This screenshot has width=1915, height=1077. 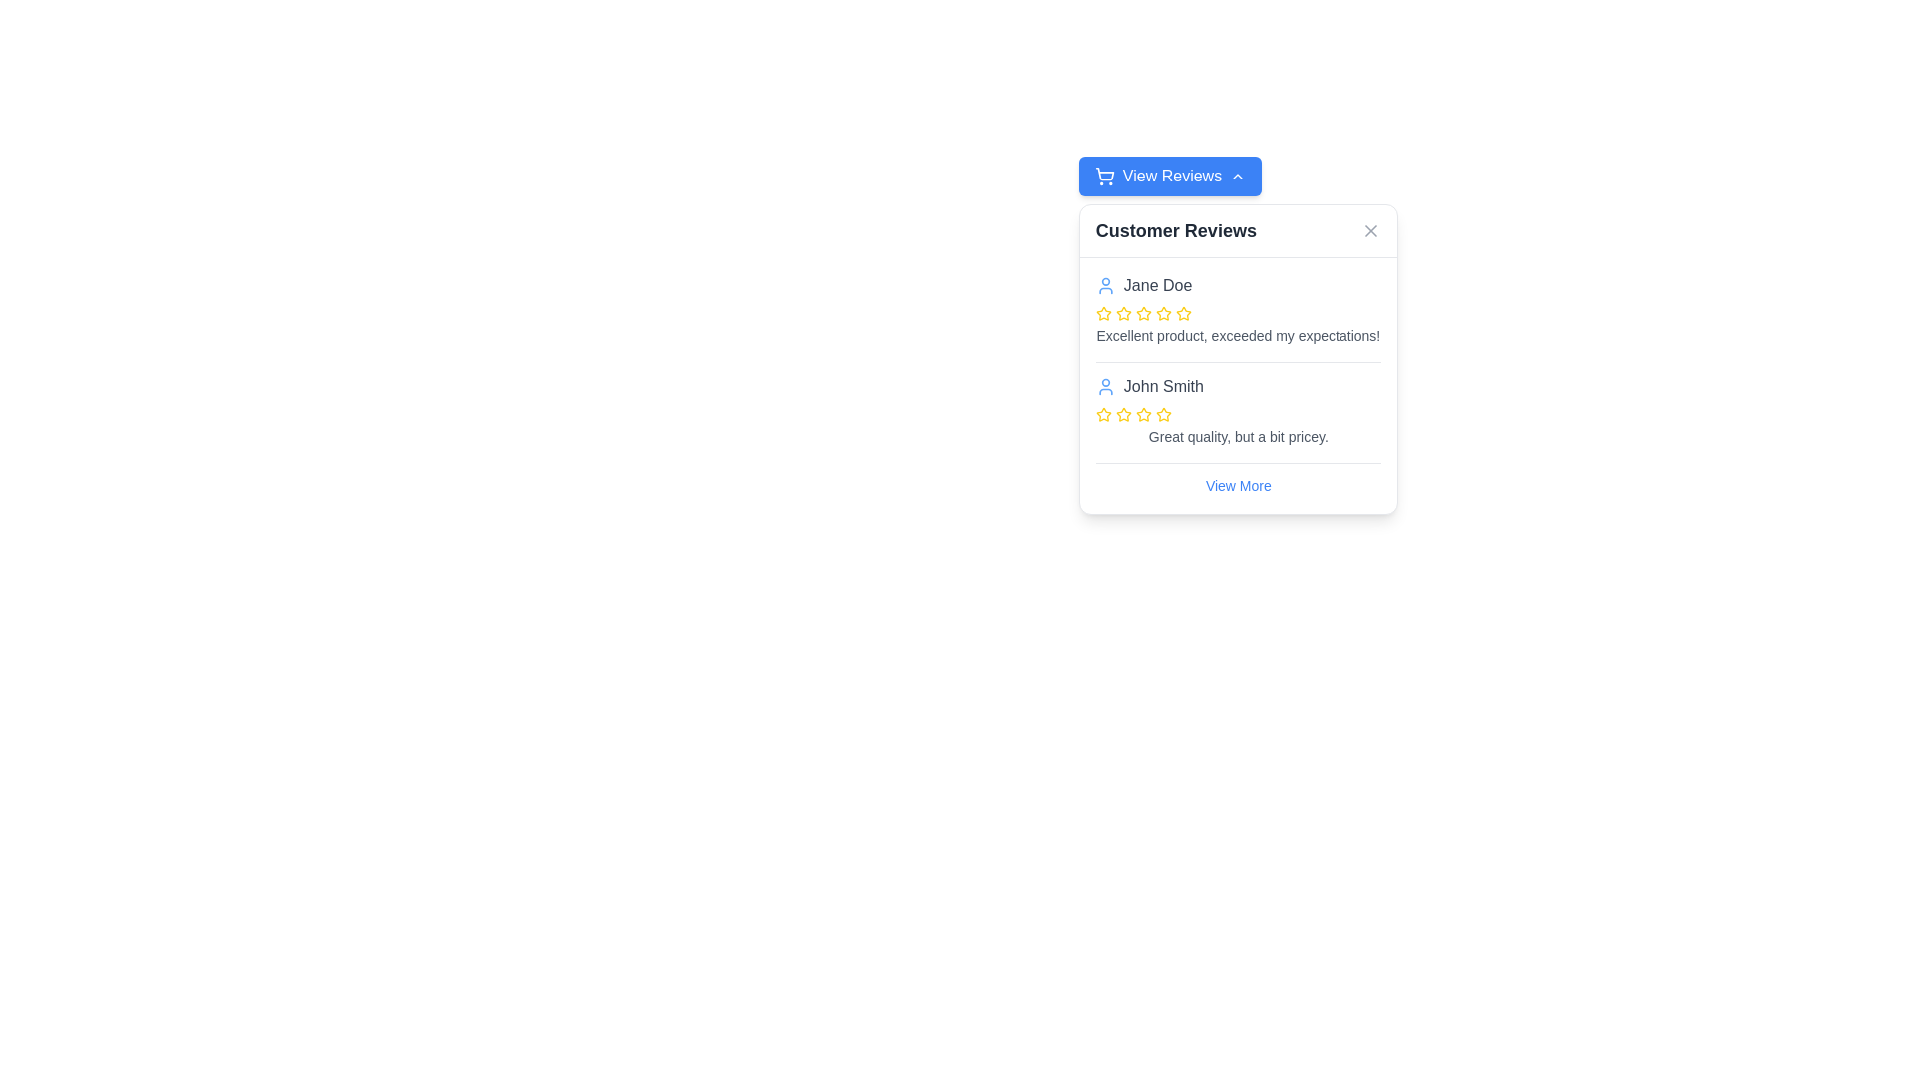 What do you see at coordinates (1369, 229) in the screenshot?
I see `the gray 'X' icon button located in the header section of the 'Customer Reviews' card to change its color to red` at bounding box center [1369, 229].